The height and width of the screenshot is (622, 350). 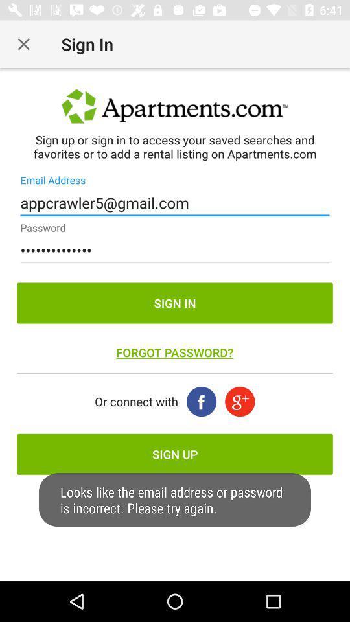 What do you see at coordinates (23, 44) in the screenshot?
I see `close` at bounding box center [23, 44].